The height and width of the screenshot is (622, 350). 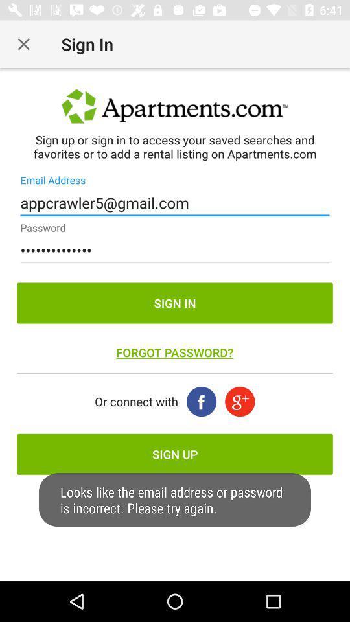 What do you see at coordinates (23, 44) in the screenshot?
I see `close` at bounding box center [23, 44].